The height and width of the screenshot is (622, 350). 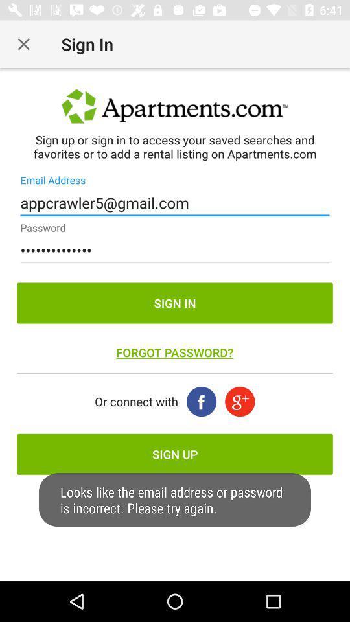 What do you see at coordinates (23, 44) in the screenshot?
I see `close` at bounding box center [23, 44].